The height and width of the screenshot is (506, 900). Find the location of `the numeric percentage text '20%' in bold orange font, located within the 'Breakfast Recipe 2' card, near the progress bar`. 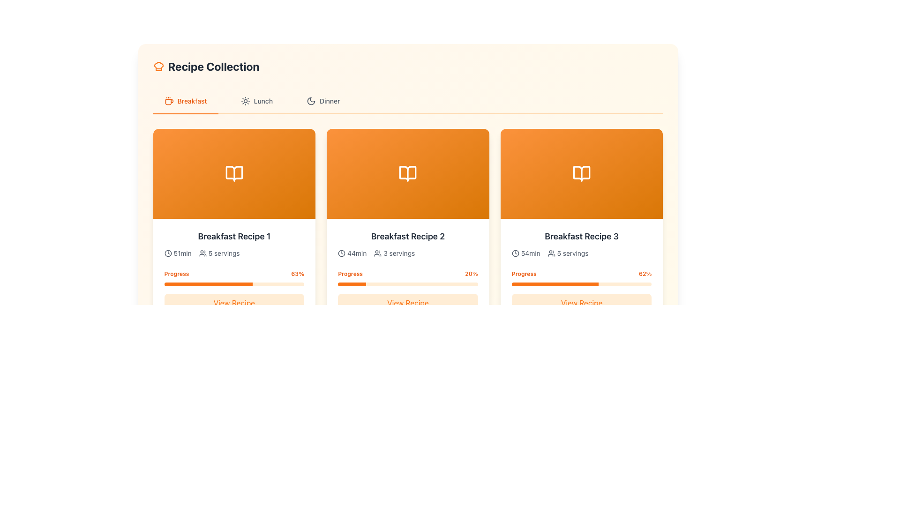

the numeric percentage text '20%' in bold orange font, located within the 'Breakfast Recipe 2' card, near the progress bar is located at coordinates (472, 274).